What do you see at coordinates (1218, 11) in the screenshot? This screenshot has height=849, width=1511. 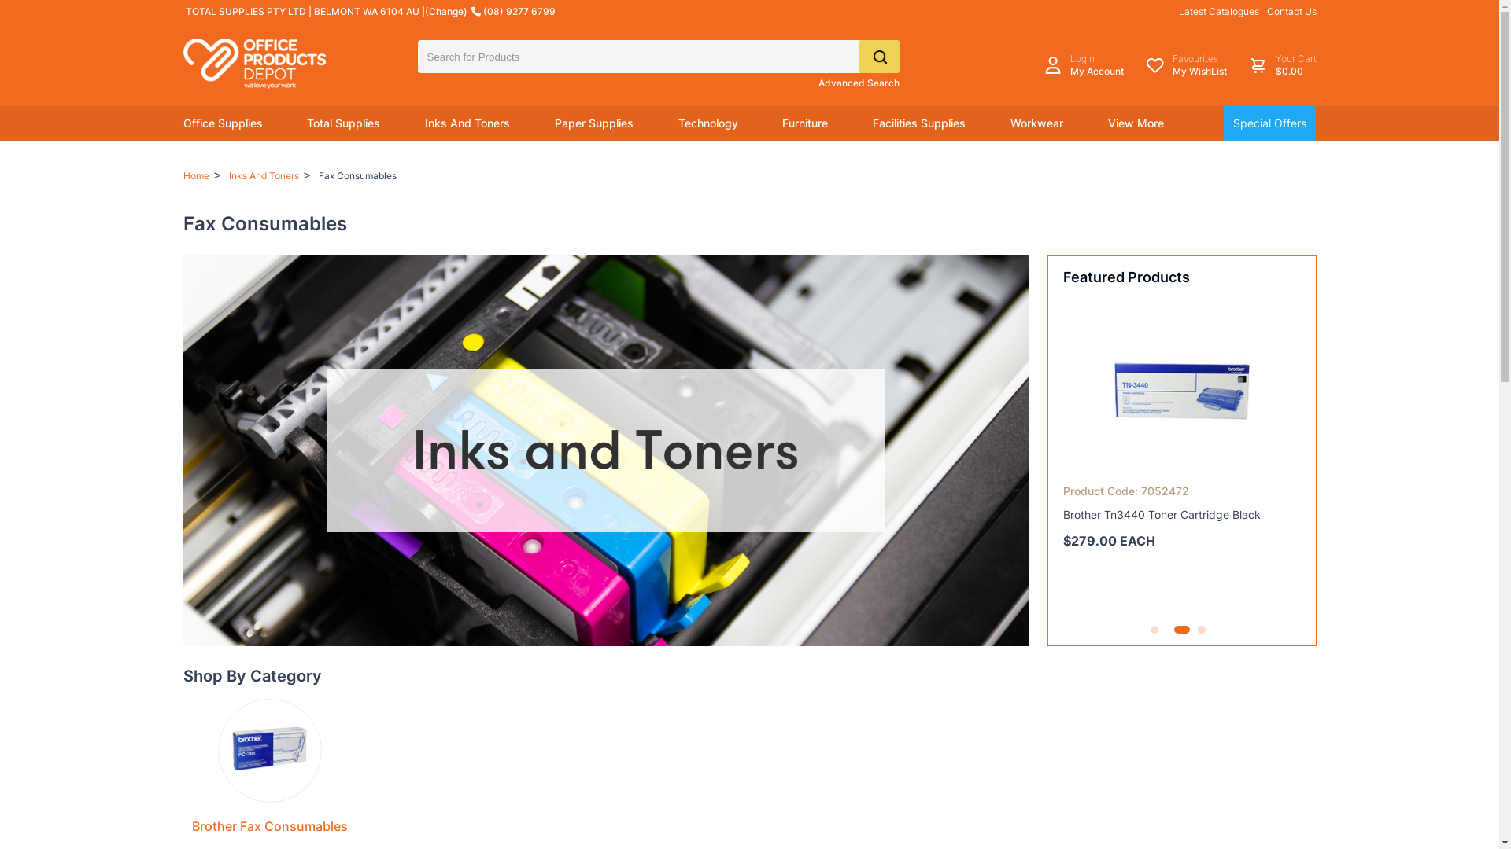 I see `'Latest Catalogues'` at bounding box center [1218, 11].